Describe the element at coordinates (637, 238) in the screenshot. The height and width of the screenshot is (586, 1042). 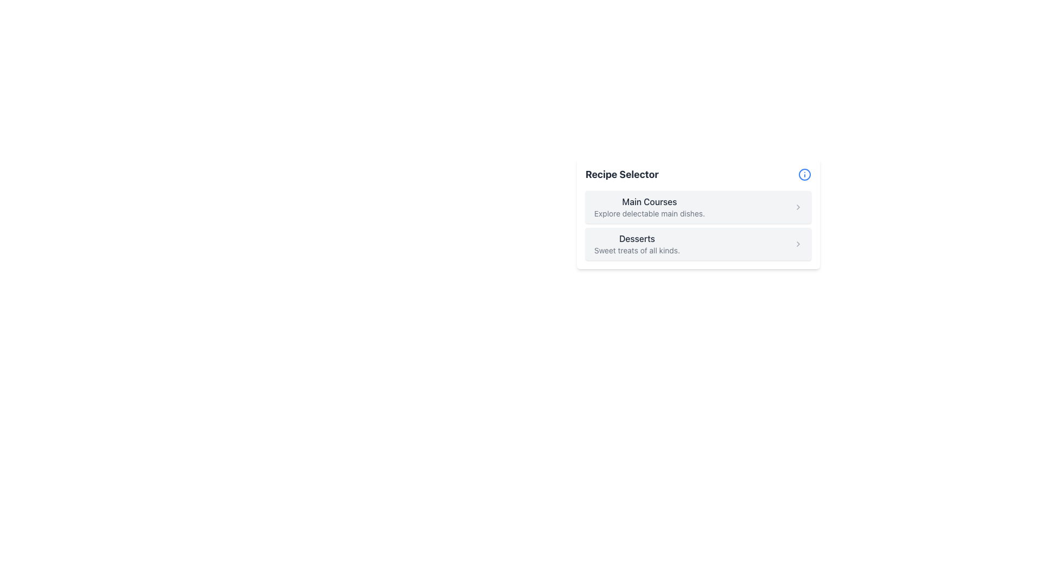
I see `the 'Desserts' text label, which is styled in medium gray font and positioned in the center of a white card-like component, located above a smaller descriptive text` at that location.